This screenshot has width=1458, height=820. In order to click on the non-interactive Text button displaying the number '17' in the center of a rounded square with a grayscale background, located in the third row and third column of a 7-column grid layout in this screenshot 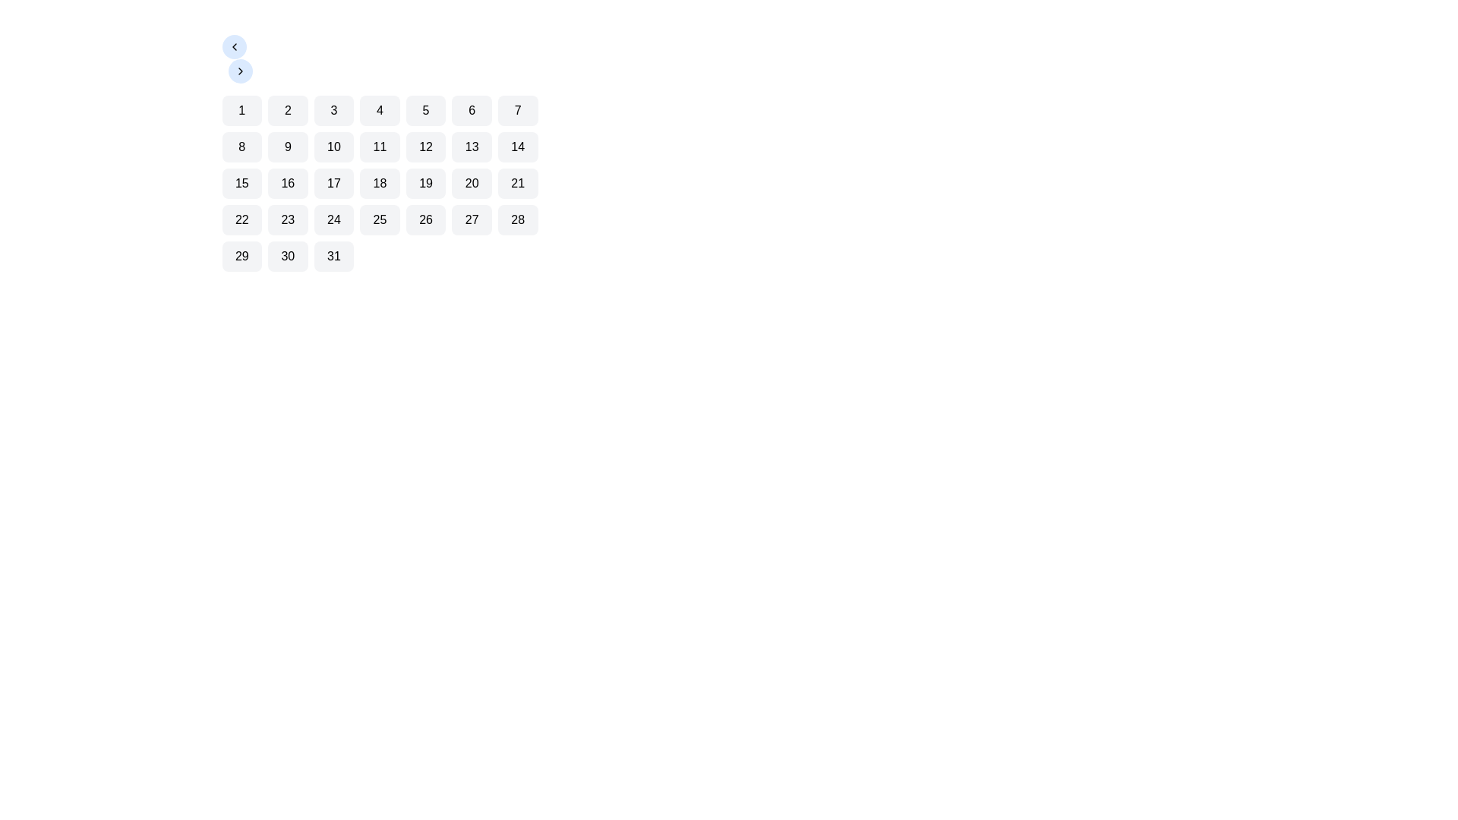, I will do `click(332, 183)`.